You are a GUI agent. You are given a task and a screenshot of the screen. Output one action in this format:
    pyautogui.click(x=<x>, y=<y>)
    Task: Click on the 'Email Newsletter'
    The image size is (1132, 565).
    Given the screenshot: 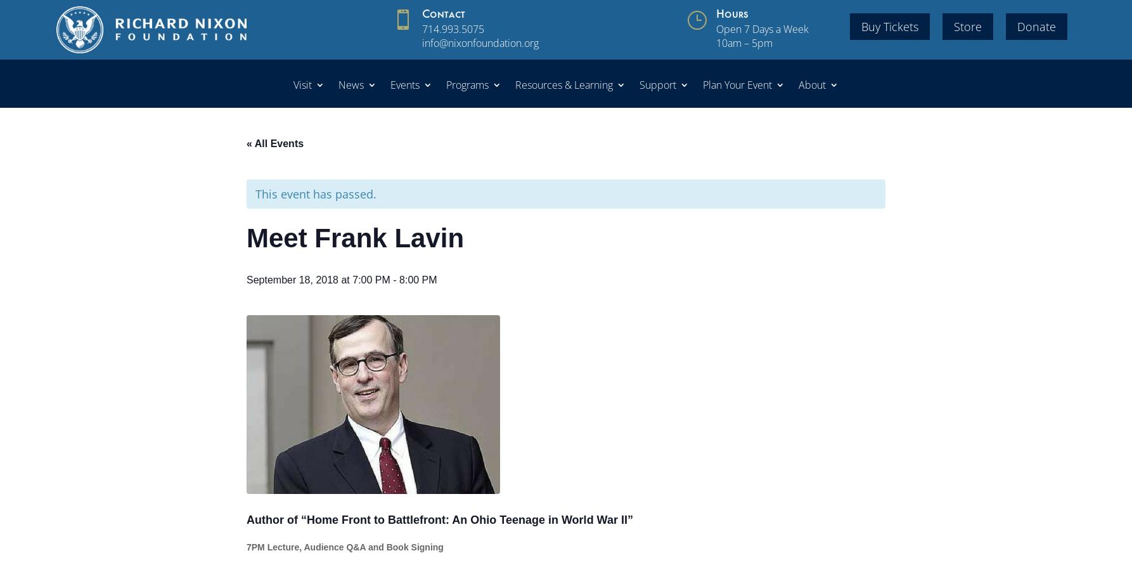 What is the action you would take?
    pyautogui.click(x=854, y=184)
    